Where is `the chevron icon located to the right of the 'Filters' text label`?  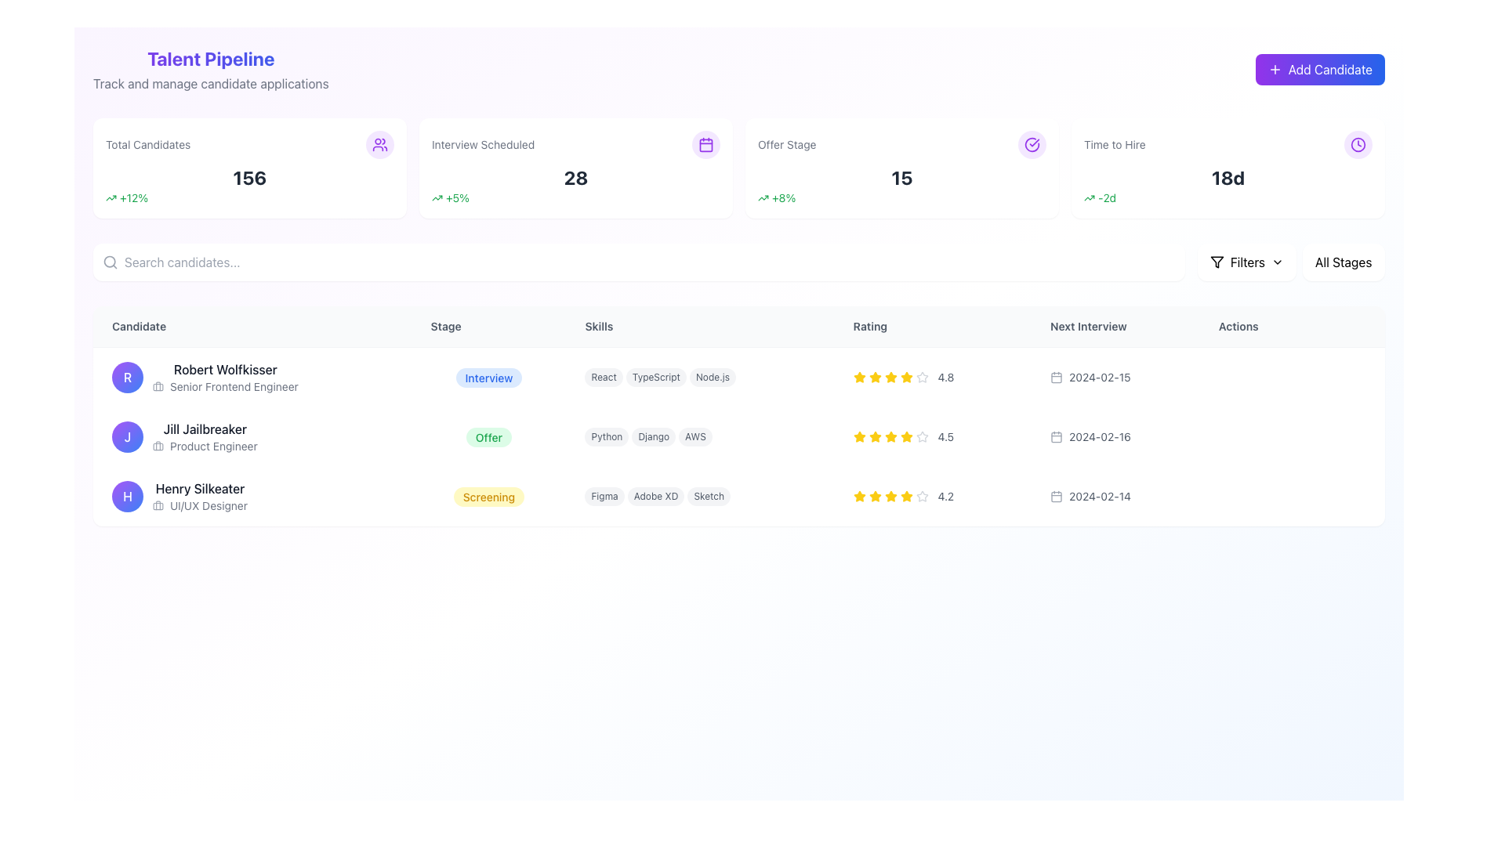 the chevron icon located to the right of the 'Filters' text label is located at coordinates (1278, 262).